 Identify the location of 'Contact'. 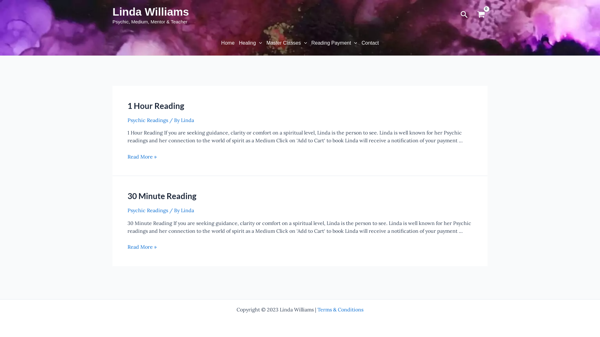
(370, 43).